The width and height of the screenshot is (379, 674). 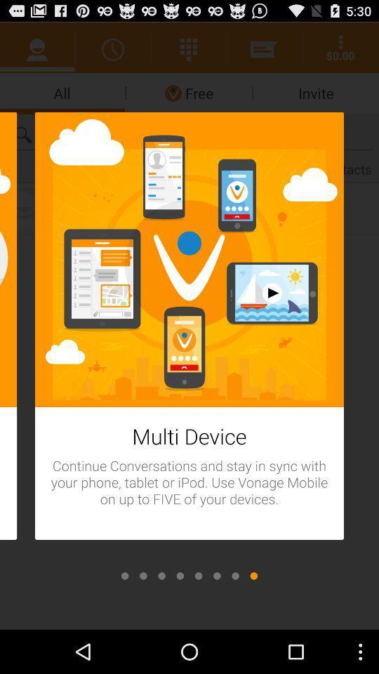 I want to click on open tabs, so click(x=198, y=576).